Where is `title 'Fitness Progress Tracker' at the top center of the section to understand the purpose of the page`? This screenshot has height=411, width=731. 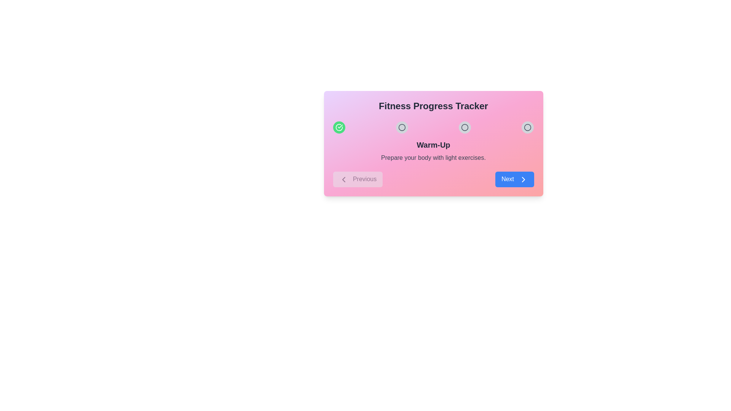 title 'Fitness Progress Tracker' at the top center of the section to understand the purpose of the page is located at coordinates (433, 106).